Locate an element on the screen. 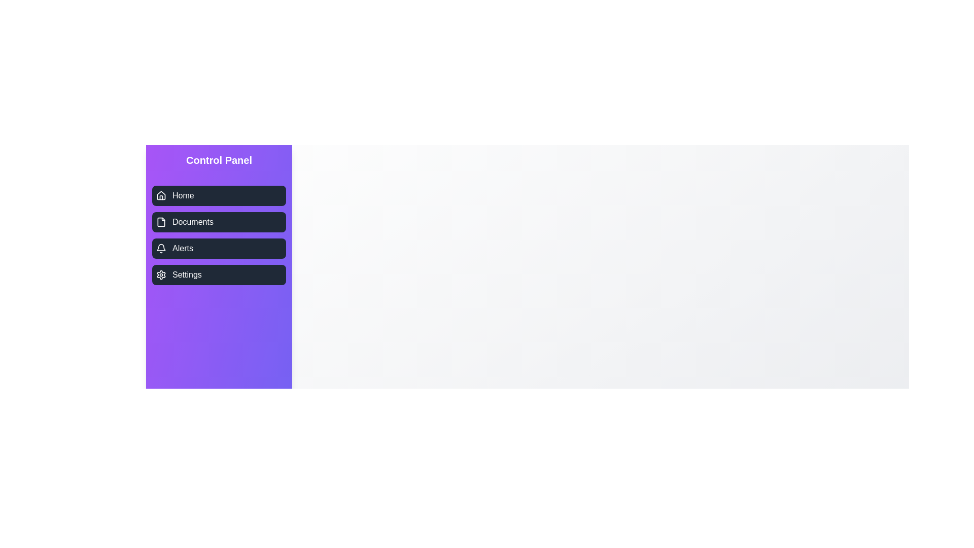 This screenshot has height=548, width=974. the navigation item labeled Documents is located at coordinates (219, 222).